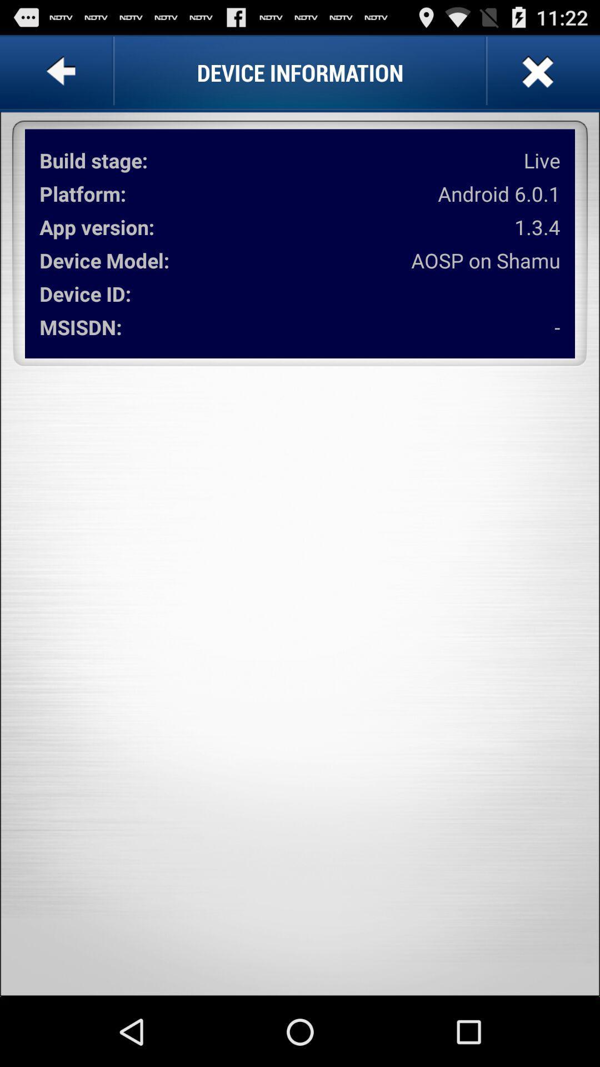 The height and width of the screenshot is (1067, 600). Describe the element at coordinates (63, 72) in the screenshot. I see `icon above build stage: icon` at that location.